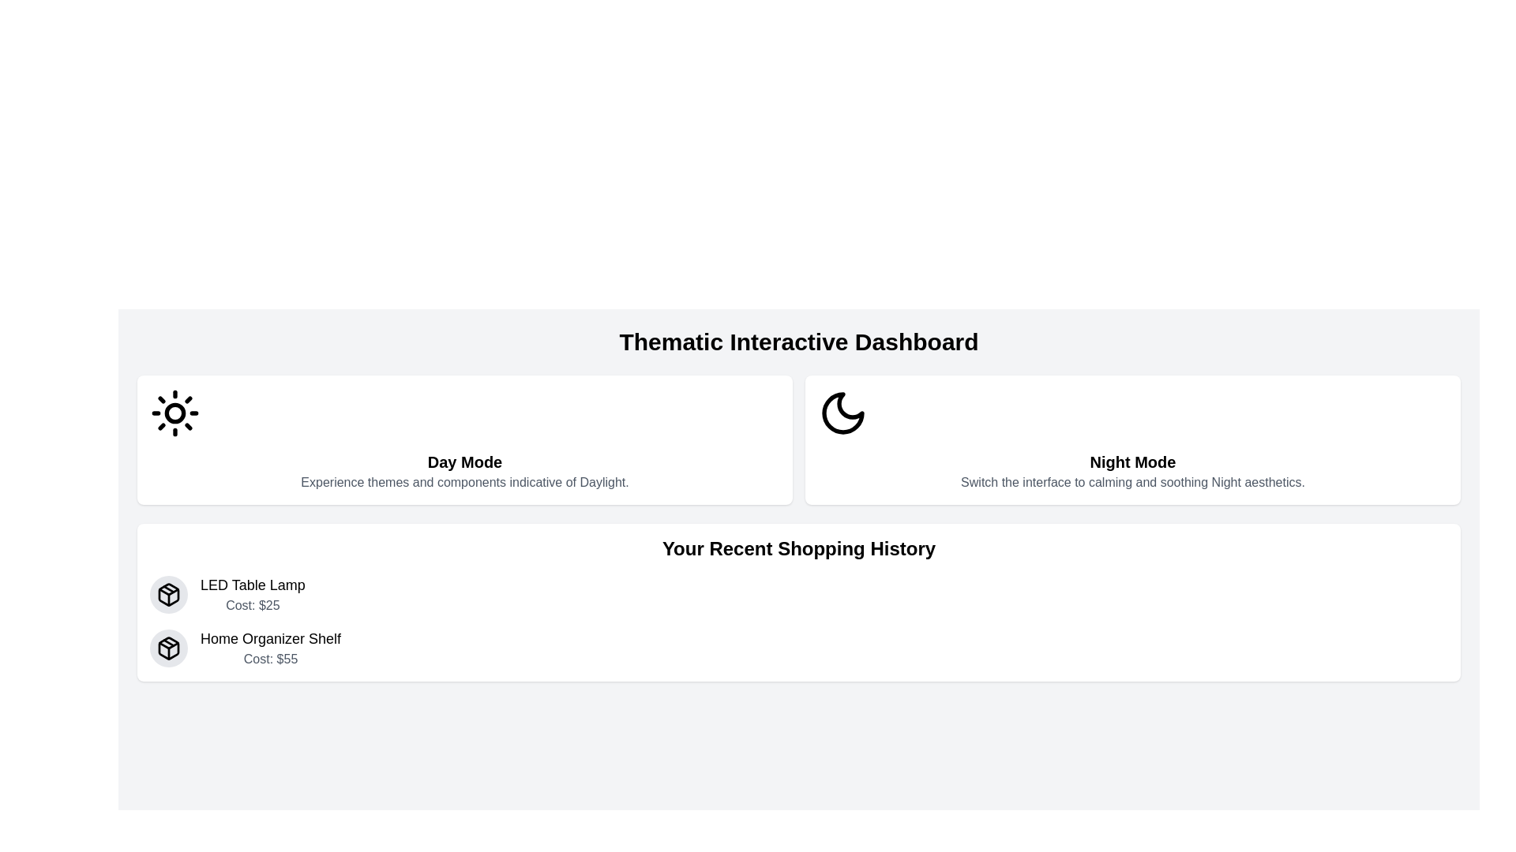 Image resolution: width=1516 pixels, height=852 pixels. What do you see at coordinates (174, 413) in the screenshot?
I see `the Decorative Icon Element, which is a circular sun-like icon located in the left panel of the top section of the interface titled 'Day Mode'` at bounding box center [174, 413].